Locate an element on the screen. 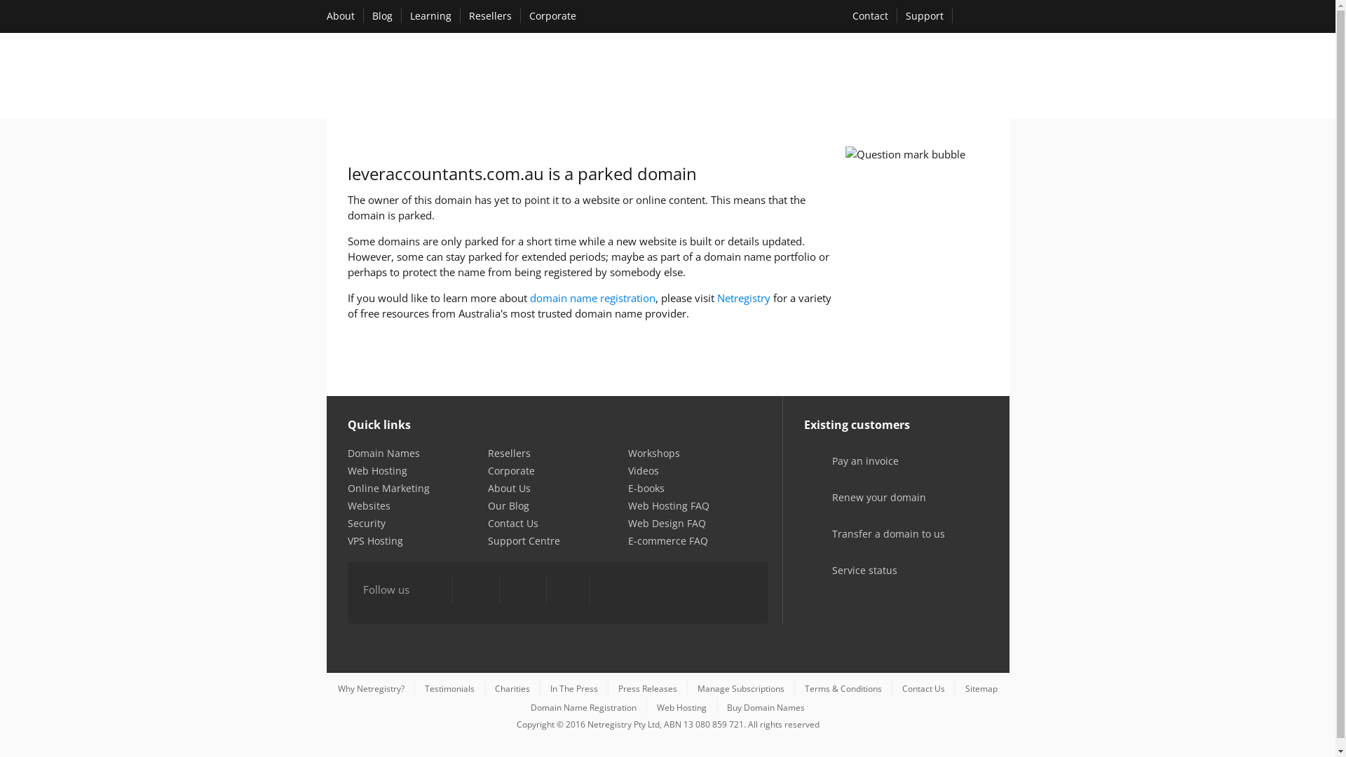 The image size is (1346, 757). 'Pinterest' is located at coordinates (568, 591).